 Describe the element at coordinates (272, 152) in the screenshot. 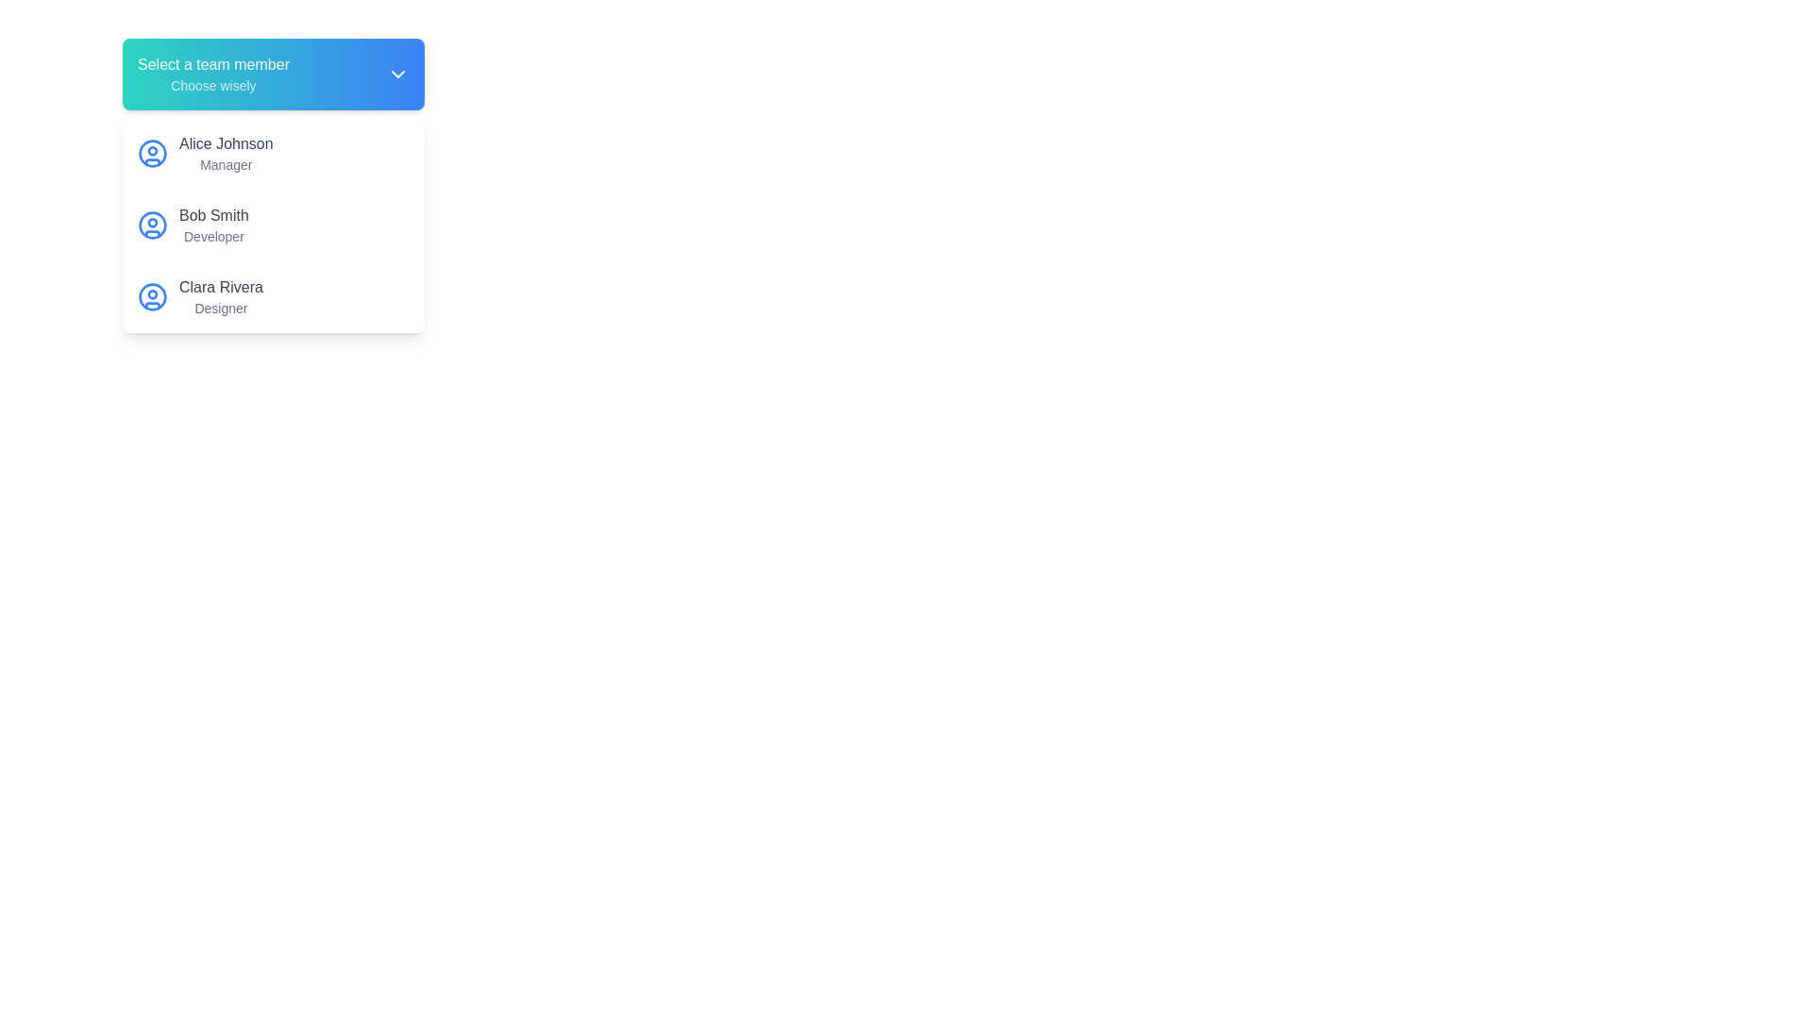

I see `the first selectable list item labeled 'Alice Johnson' under the dropdown menu 'Select a team member'` at that location.